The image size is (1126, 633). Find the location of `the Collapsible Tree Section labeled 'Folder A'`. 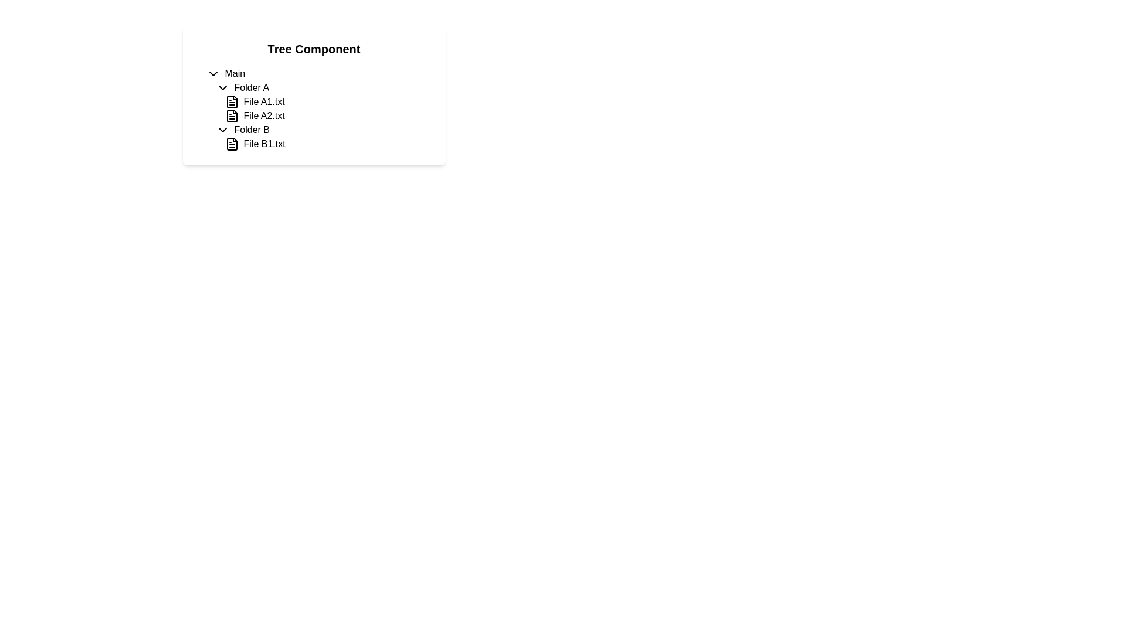

the Collapsible Tree Section labeled 'Folder A' is located at coordinates (318, 101).